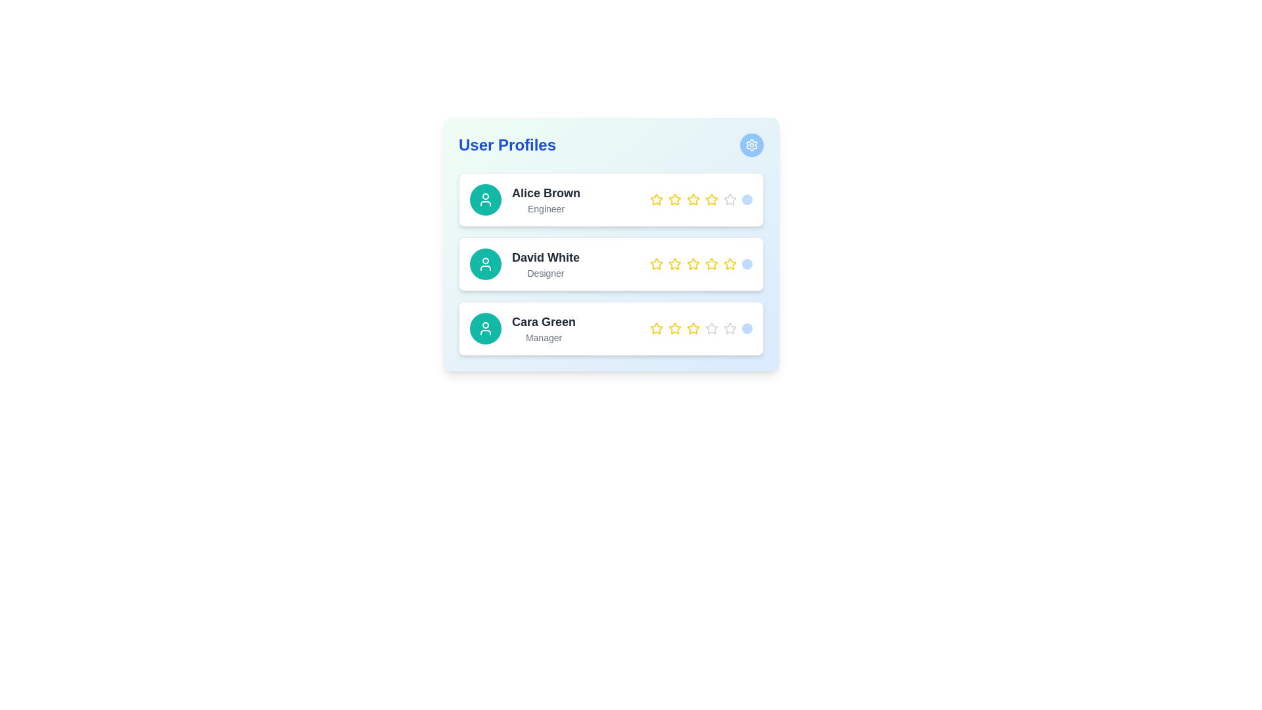  I want to click on the circular icon with a teal background and white user outline, located on the first user's information card in the 'User Profiles' list, so click(485, 200).